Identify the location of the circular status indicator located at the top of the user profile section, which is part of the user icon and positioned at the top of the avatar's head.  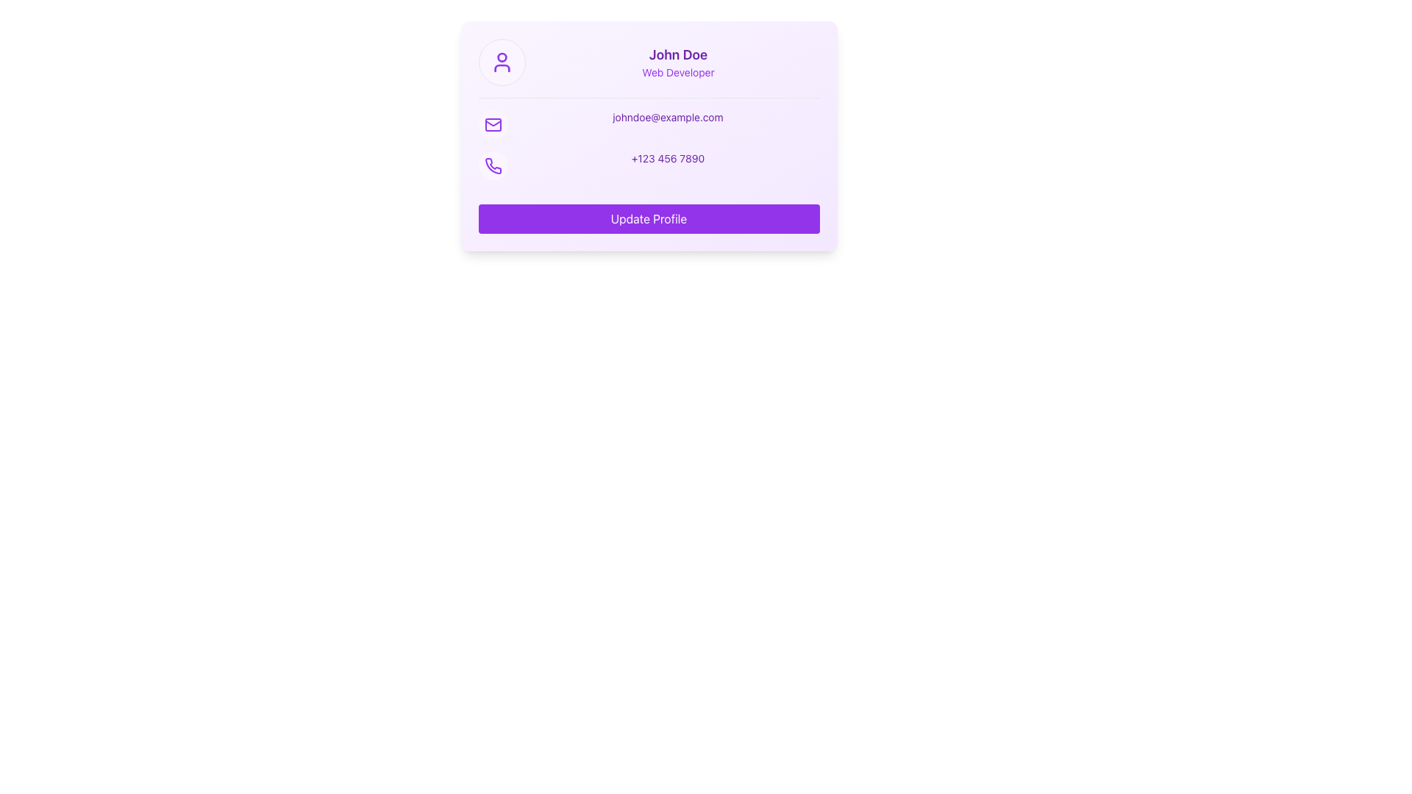
(502, 57).